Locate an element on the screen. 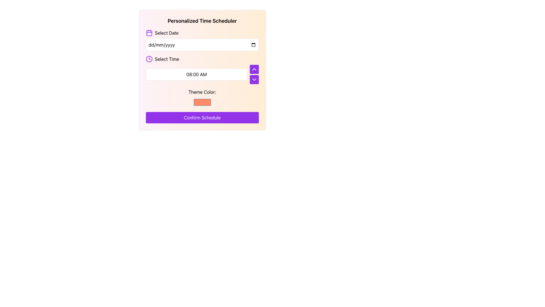 The width and height of the screenshot is (545, 307). the circular part of the clock icon, which is located to the left of the 'Select Time' text and visually represents the concept of time is located at coordinates (149, 59).